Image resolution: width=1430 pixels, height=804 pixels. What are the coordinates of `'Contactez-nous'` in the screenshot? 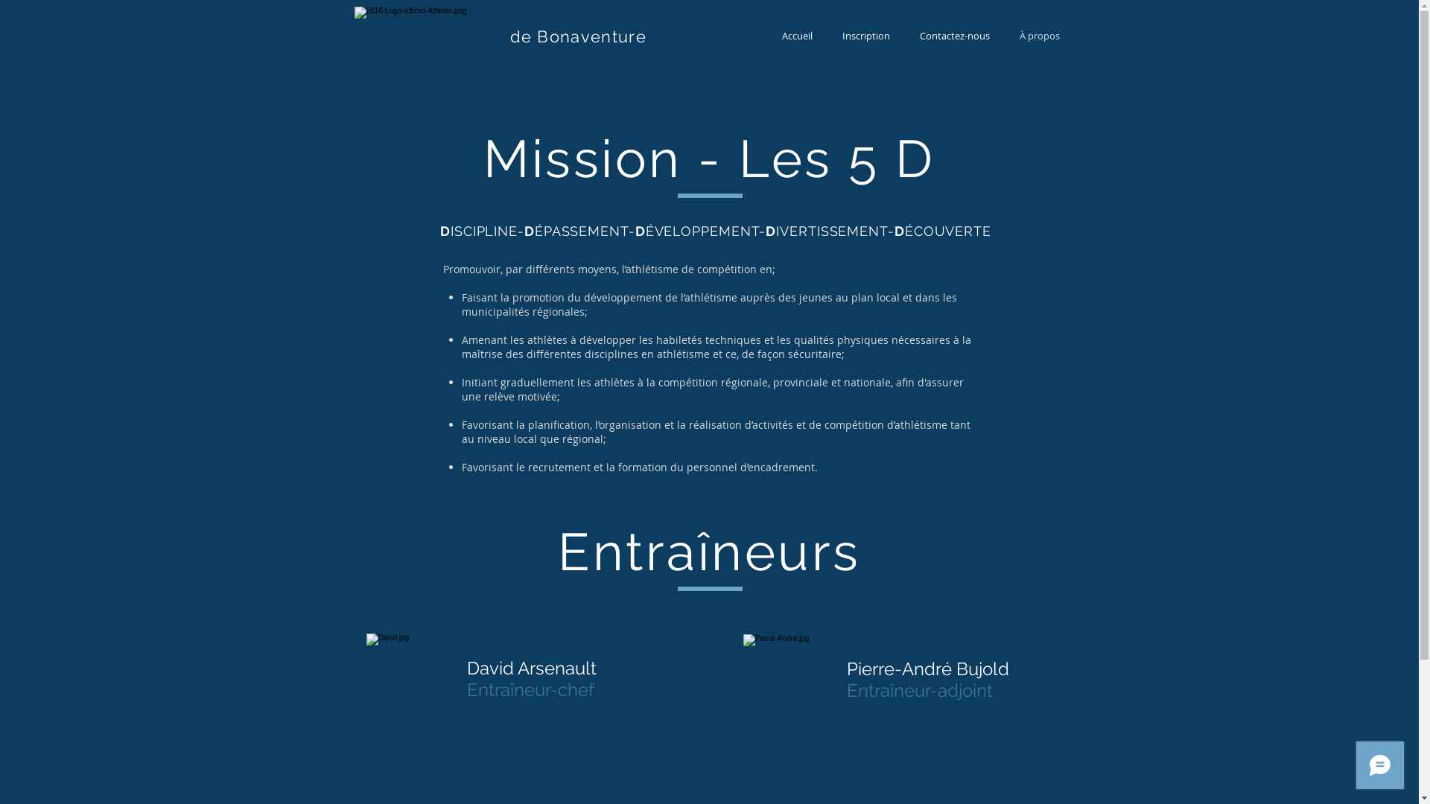 It's located at (903, 35).